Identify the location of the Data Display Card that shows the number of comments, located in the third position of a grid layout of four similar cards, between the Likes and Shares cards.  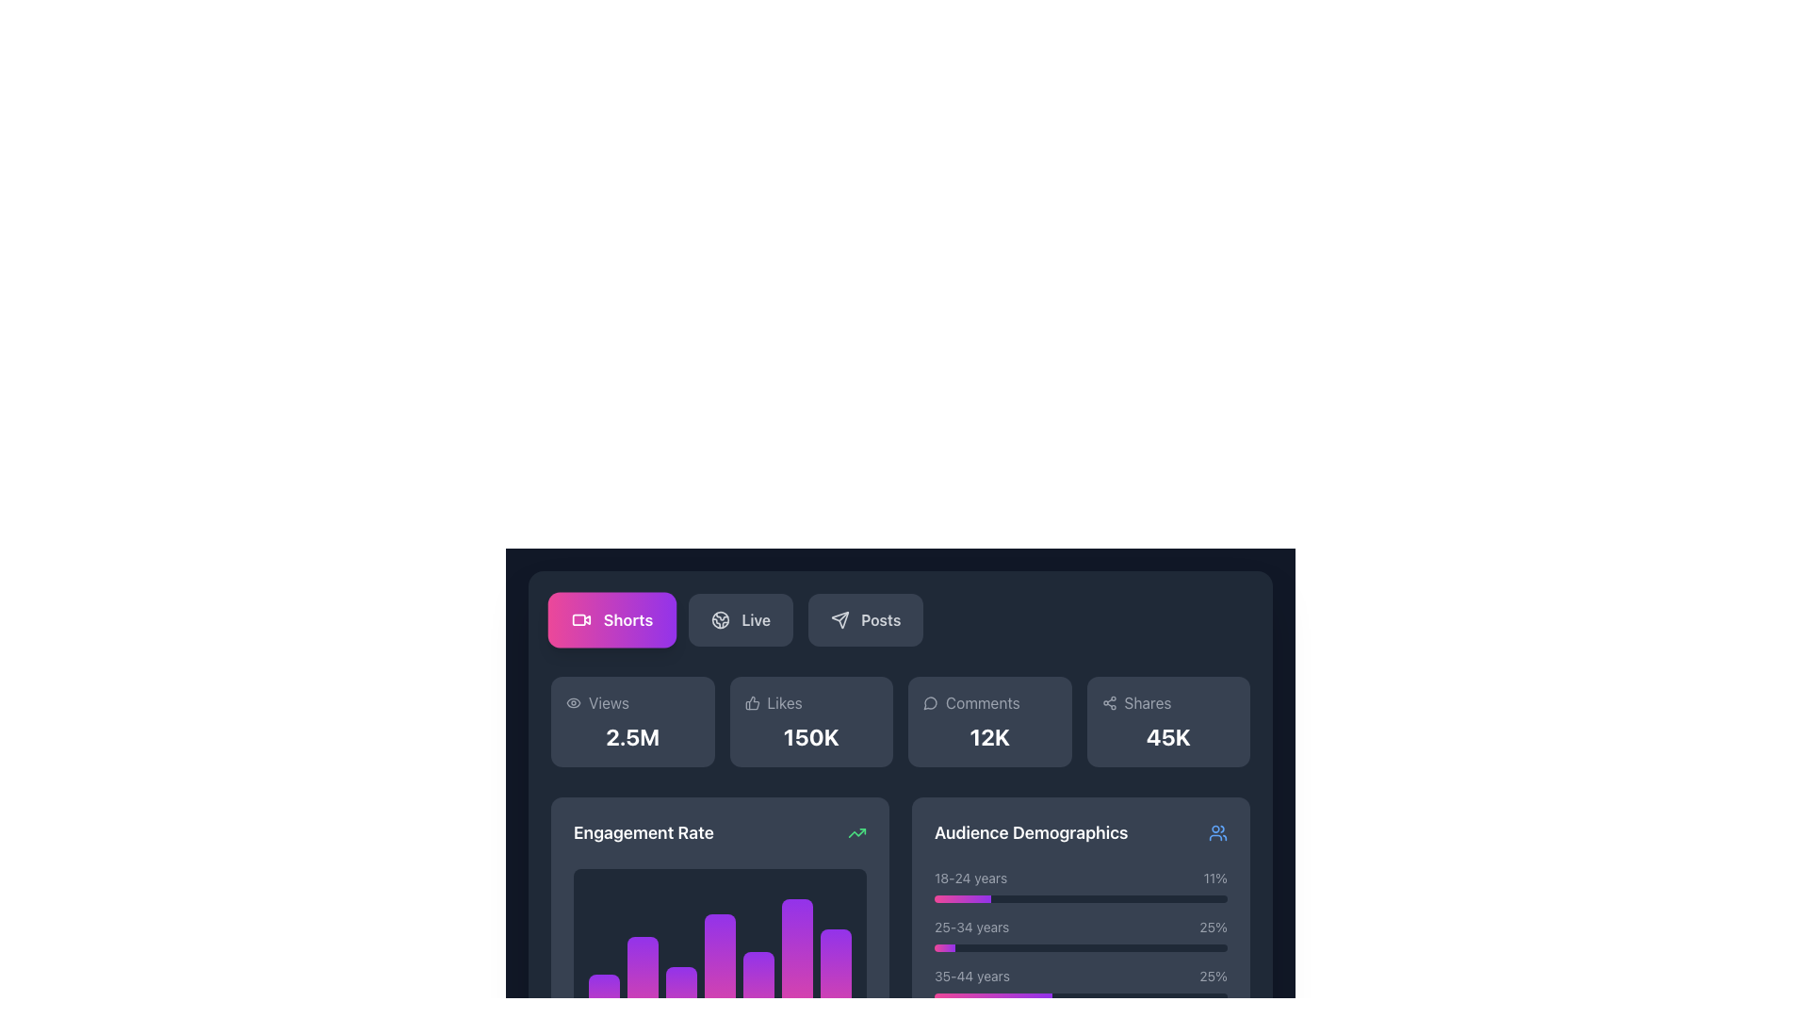
(988, 721).